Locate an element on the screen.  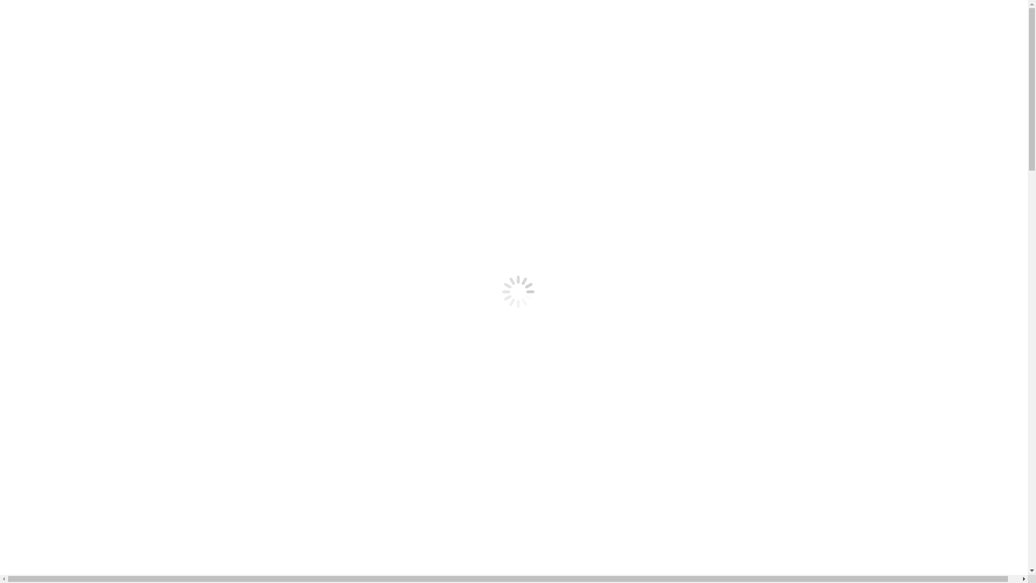
'Accueil' is located at coordinates (39, 56).